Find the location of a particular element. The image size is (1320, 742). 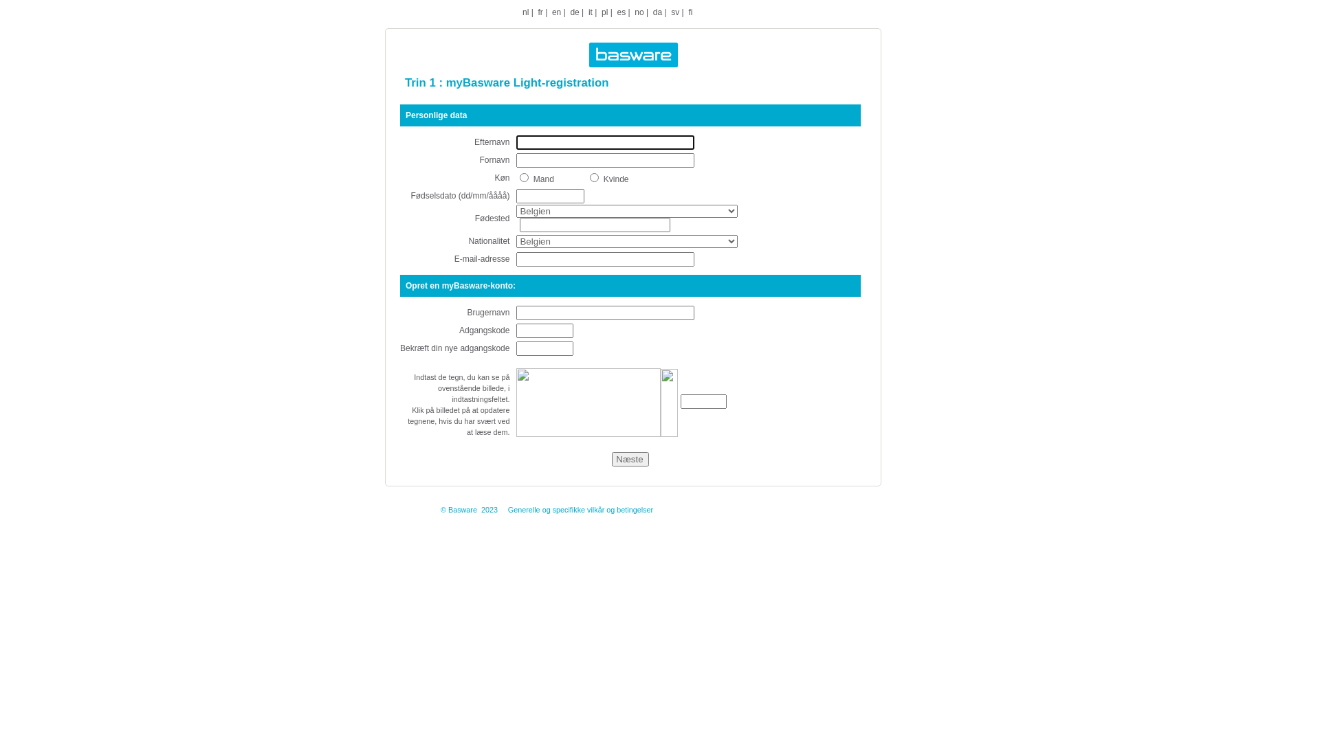

'de' is located at coordinates (570, 12).